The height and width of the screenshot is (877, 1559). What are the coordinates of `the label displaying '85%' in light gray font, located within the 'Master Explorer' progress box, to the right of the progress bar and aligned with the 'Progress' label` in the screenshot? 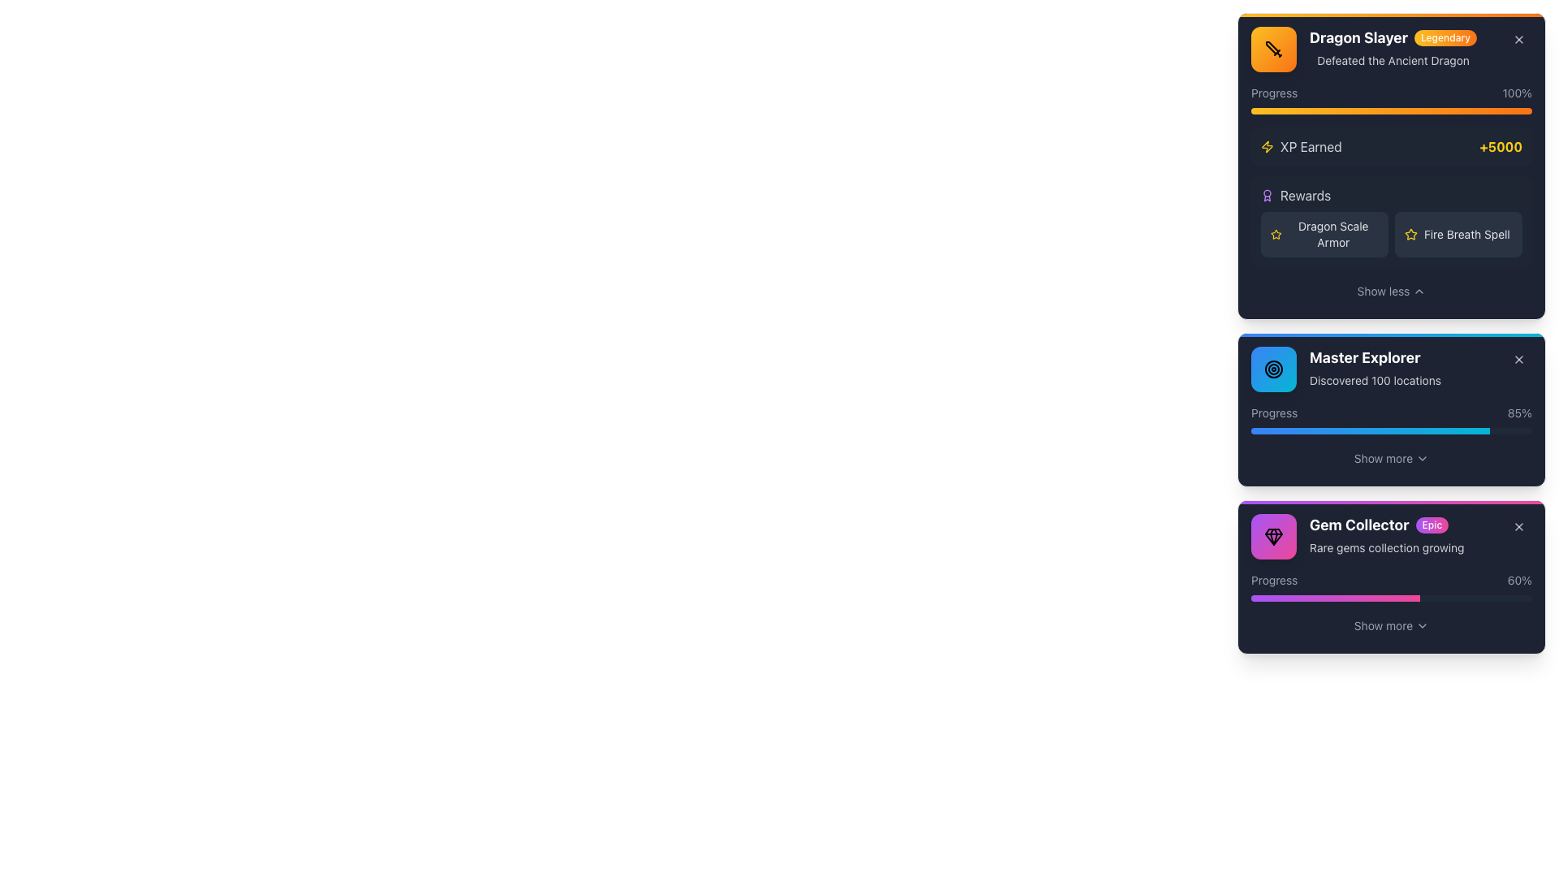 It's located at (1519, 413).